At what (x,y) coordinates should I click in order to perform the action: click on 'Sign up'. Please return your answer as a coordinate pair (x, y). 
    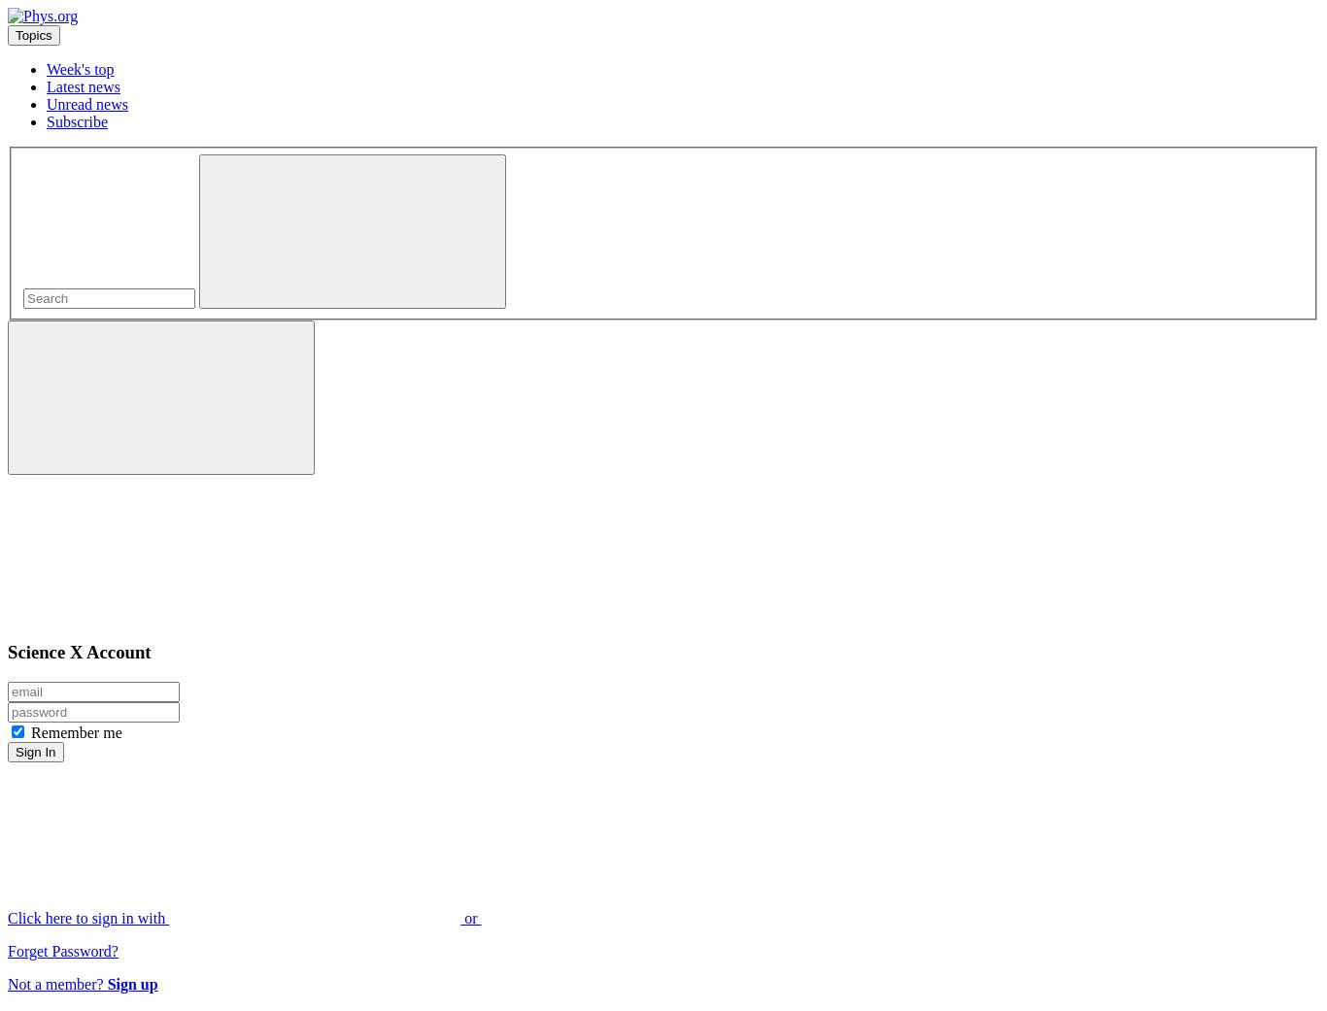
    Looking at the image, I should click on (131, 984).